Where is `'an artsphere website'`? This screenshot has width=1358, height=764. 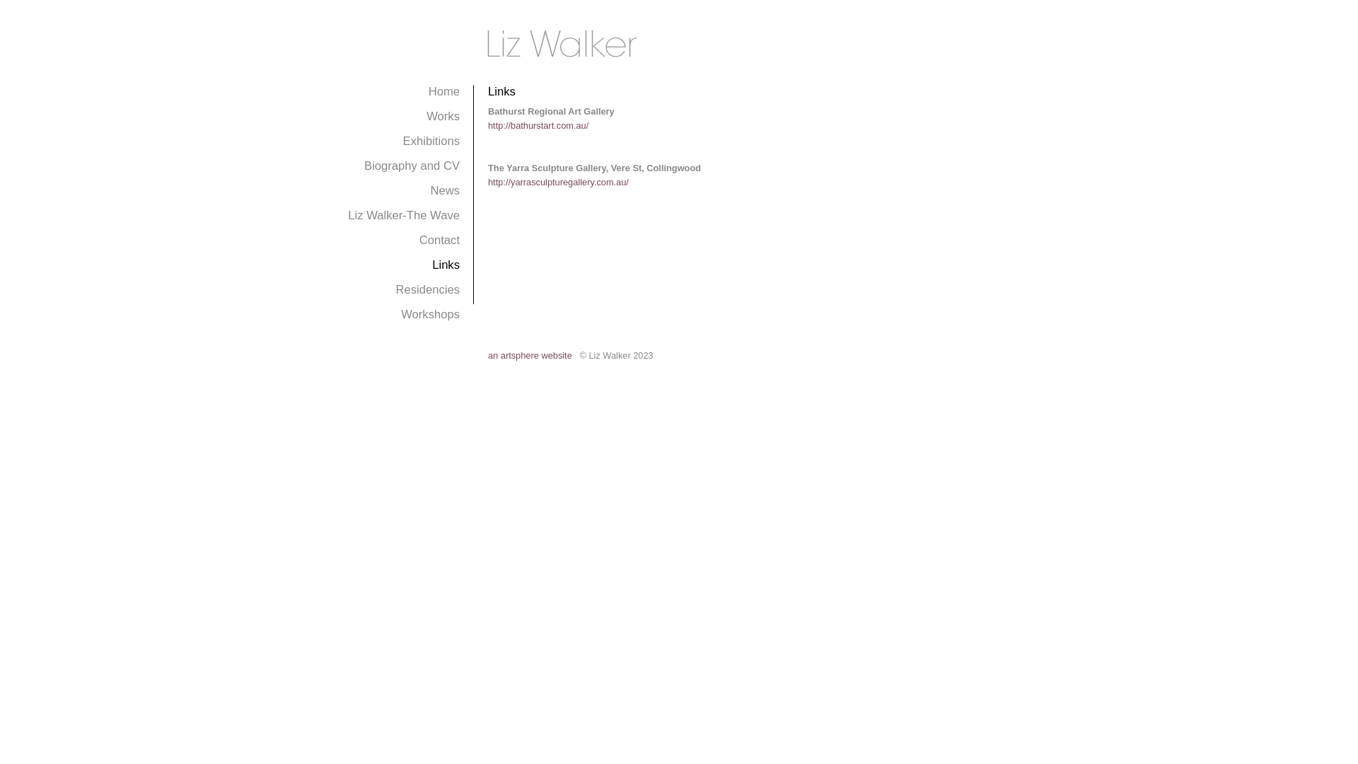
'an artsphere website' is located at coordinates (529, 354).